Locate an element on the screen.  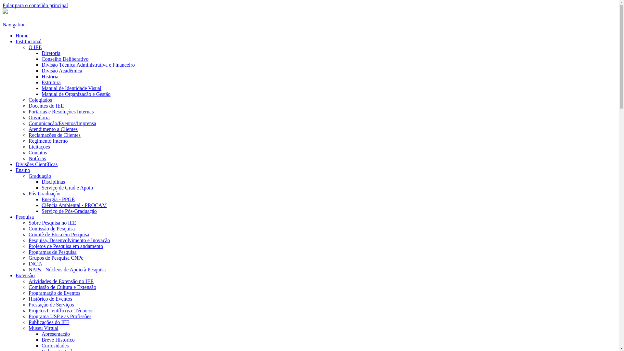
'Energia - PPGE' is located at coordinates (58, 199).